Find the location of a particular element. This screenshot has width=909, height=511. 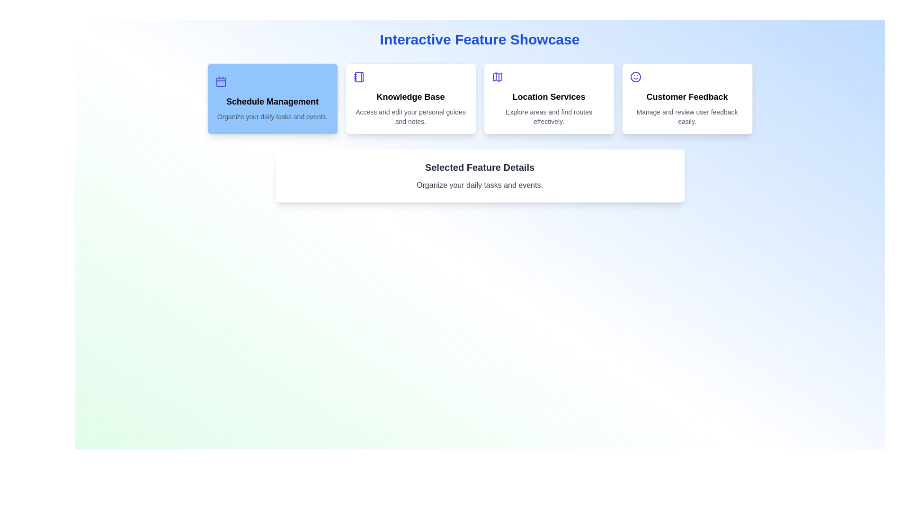

the blue map icon located to the left of the 'Location Services' card in the third column of a four-card layout is located at coordinates (497, 76).